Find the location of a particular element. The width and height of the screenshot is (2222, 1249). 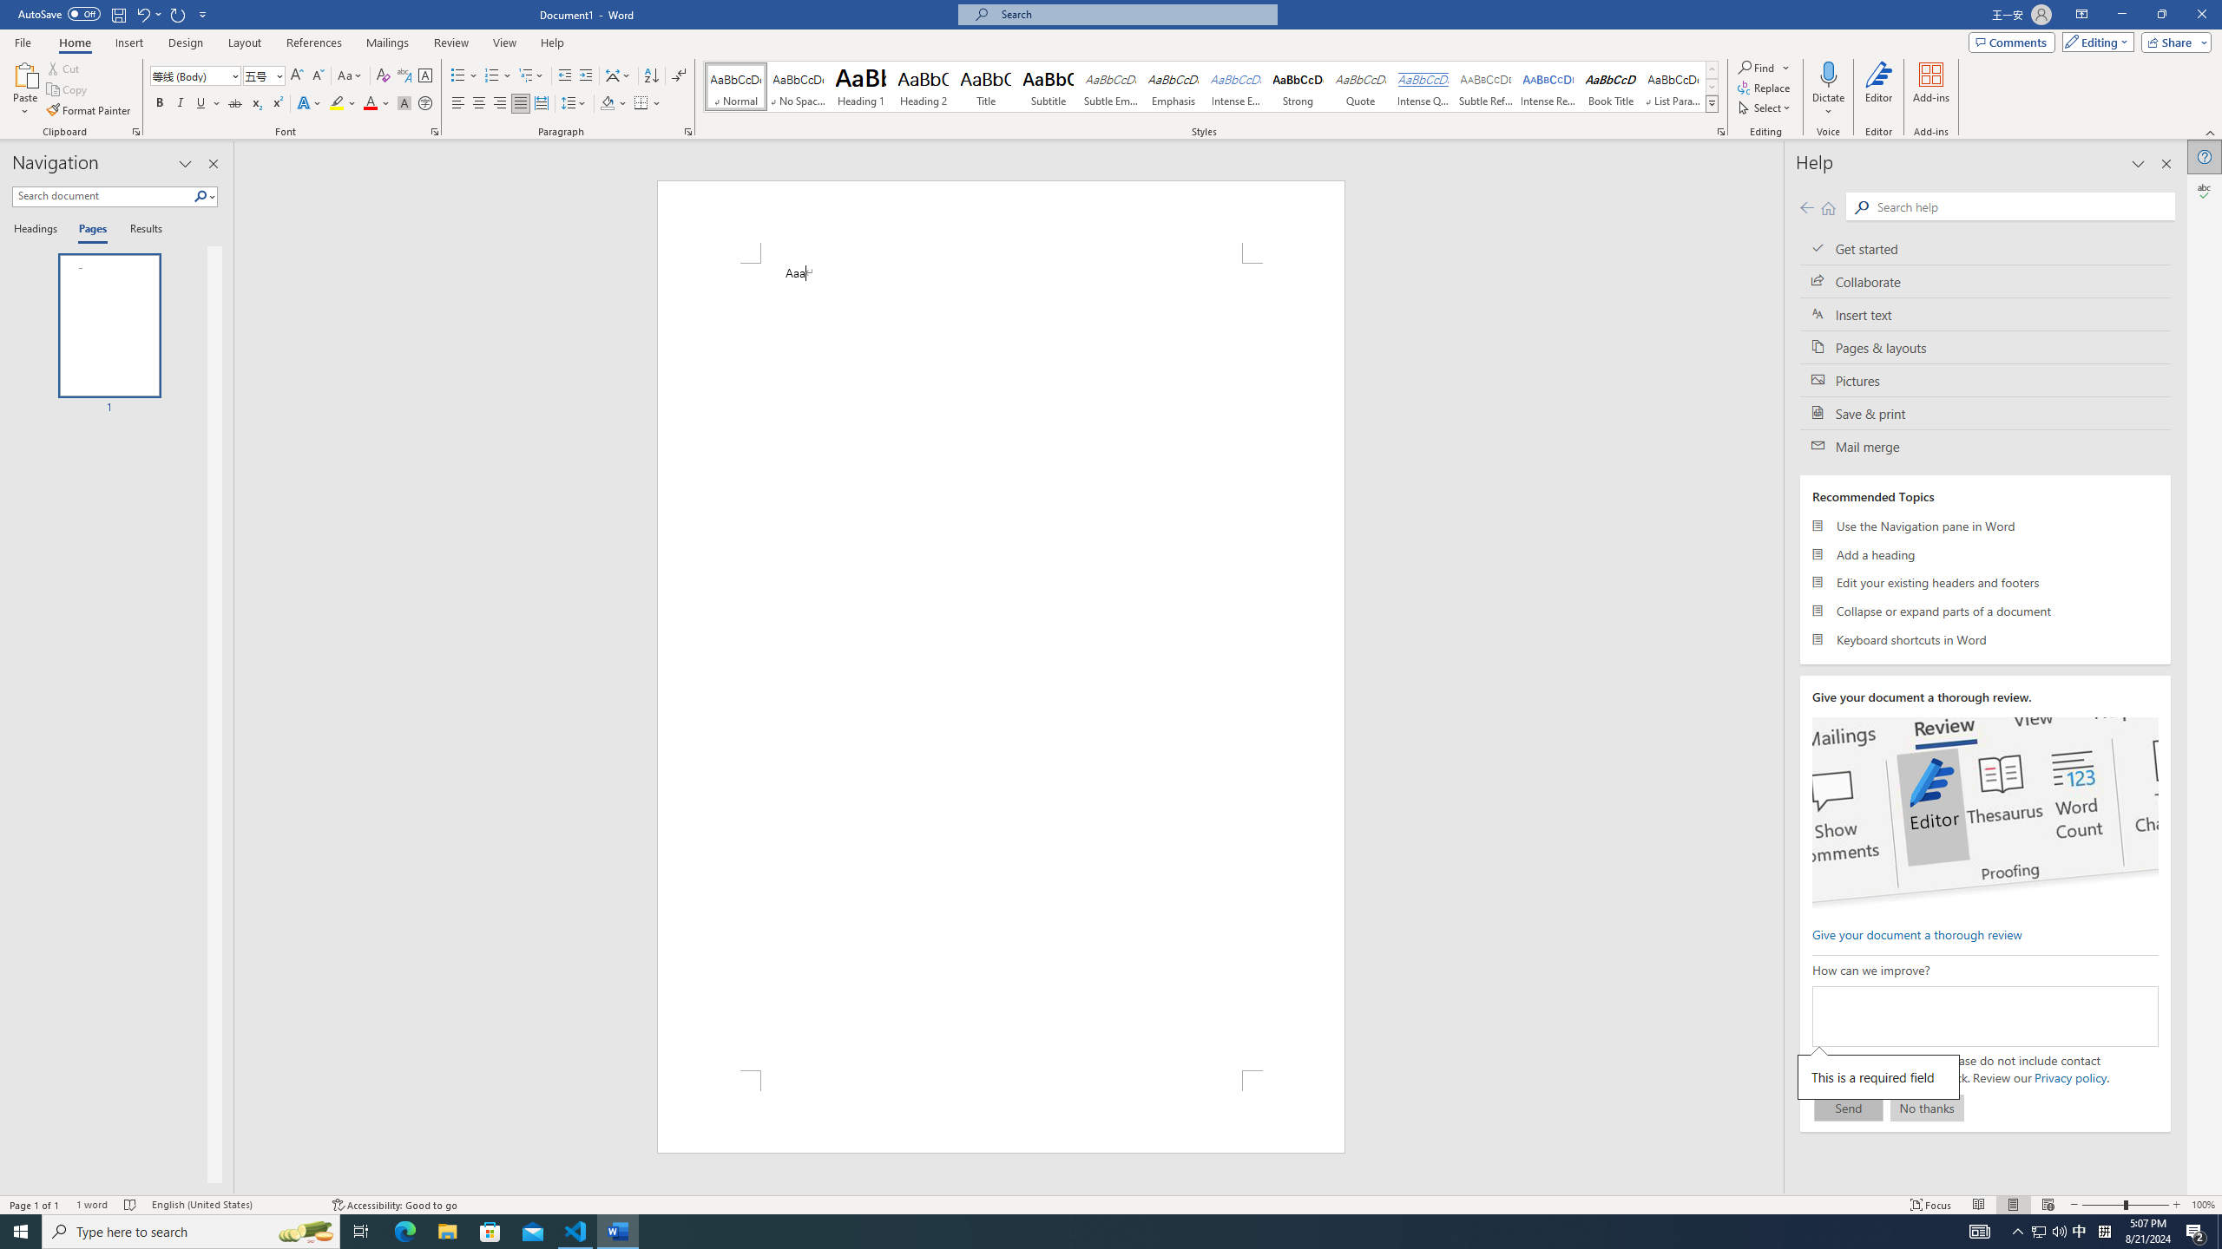

'Collapse or expand parts of a document' is located at coordinates (1984, 611).